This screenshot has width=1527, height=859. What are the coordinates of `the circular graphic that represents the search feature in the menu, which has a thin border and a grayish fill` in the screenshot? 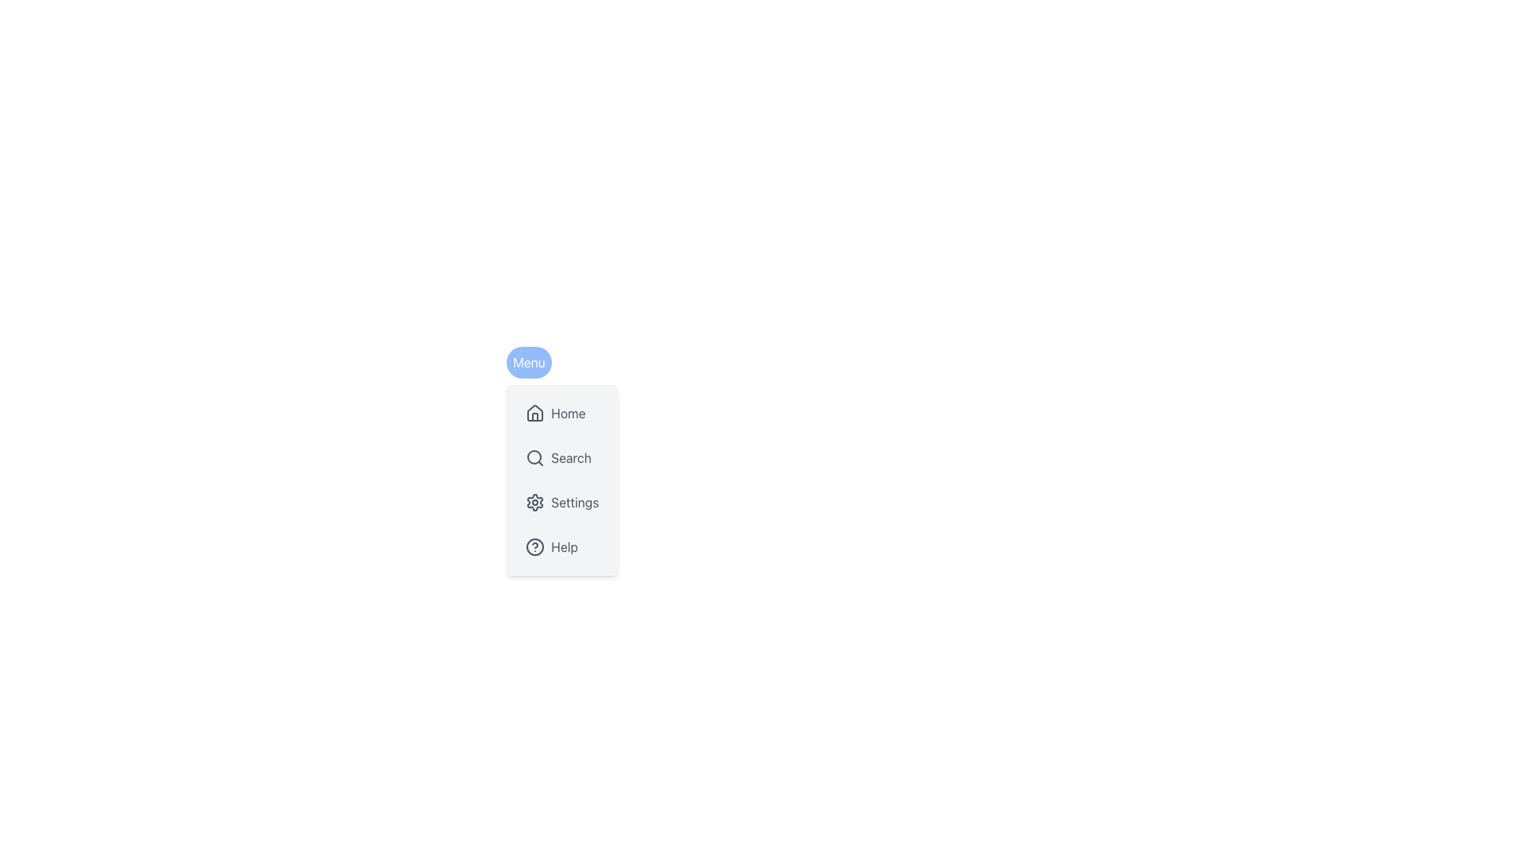 It's located at (534, 457).